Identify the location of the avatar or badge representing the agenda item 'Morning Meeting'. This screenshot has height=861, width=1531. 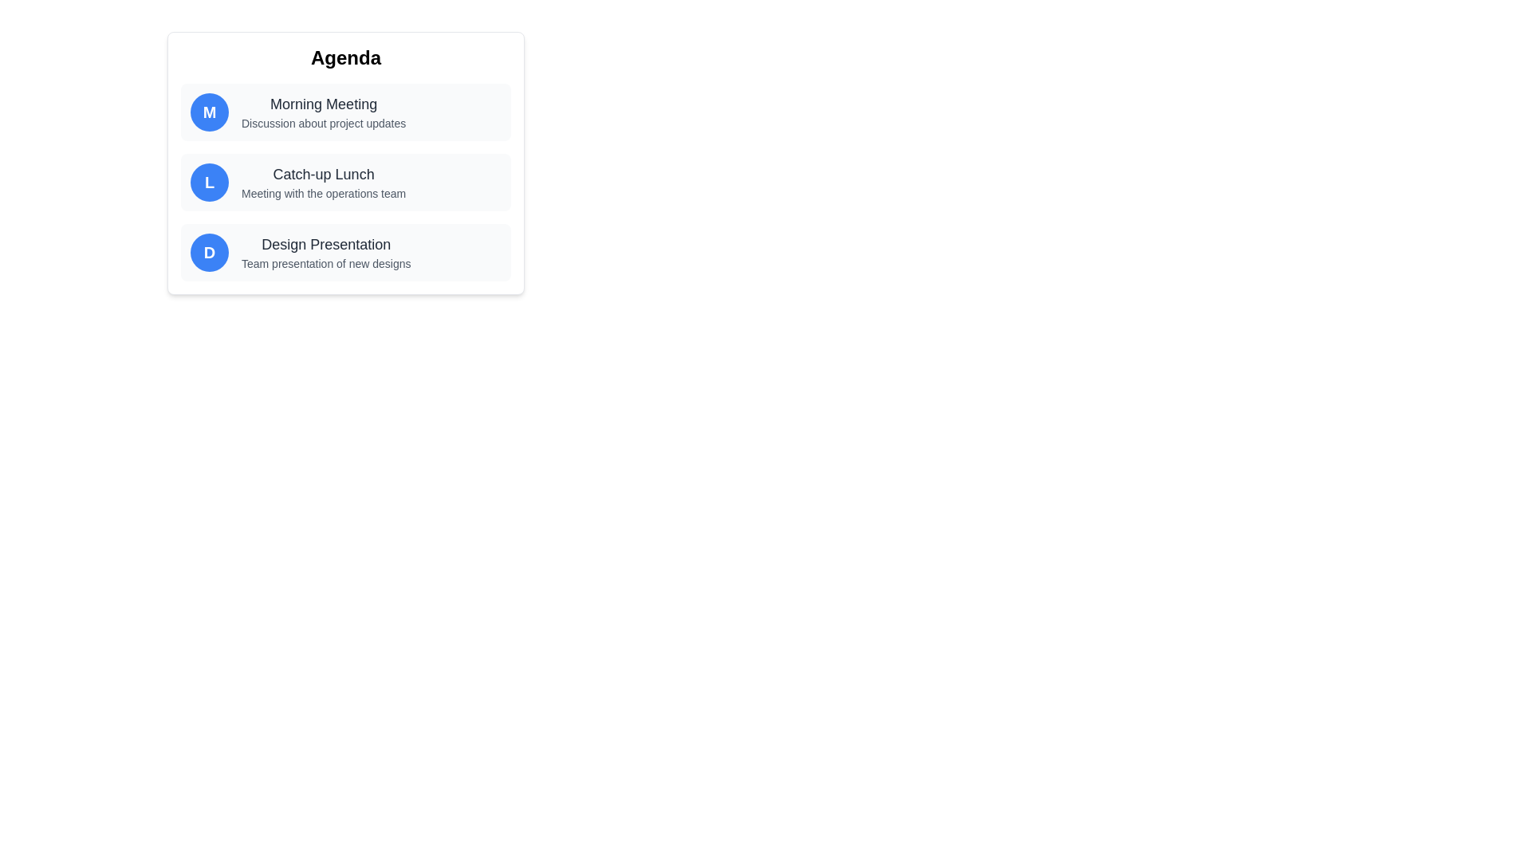
(209, 112).